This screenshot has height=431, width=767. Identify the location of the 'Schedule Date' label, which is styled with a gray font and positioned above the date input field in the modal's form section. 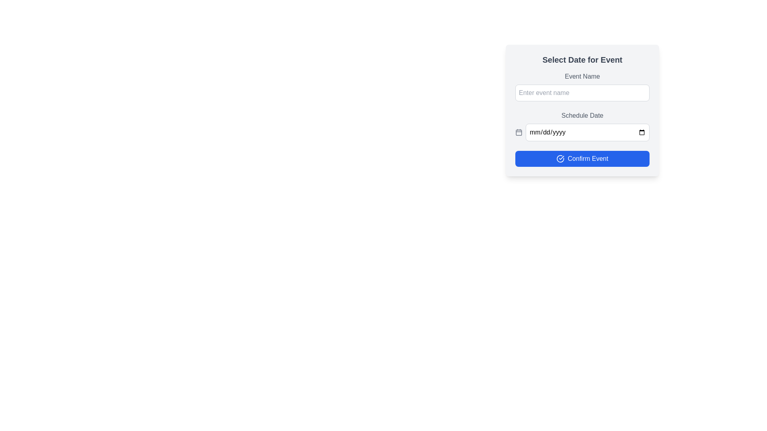
(582, 115).